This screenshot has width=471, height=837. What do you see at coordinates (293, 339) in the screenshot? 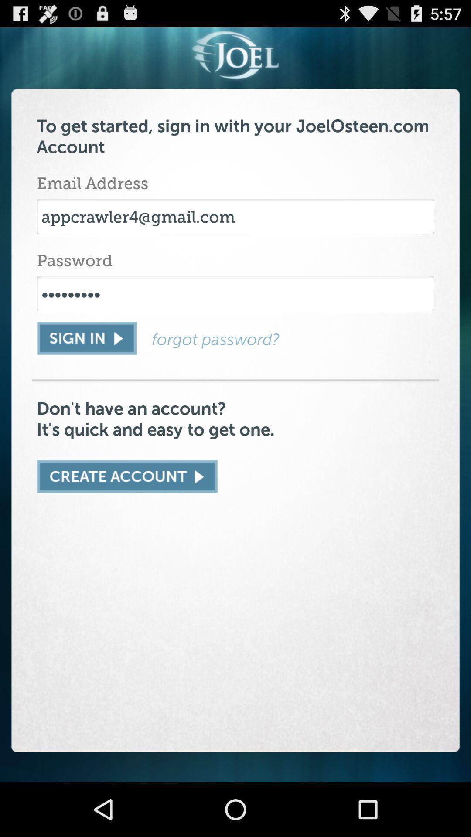
I see `the forgot password?` at bounding box center [293, 339].